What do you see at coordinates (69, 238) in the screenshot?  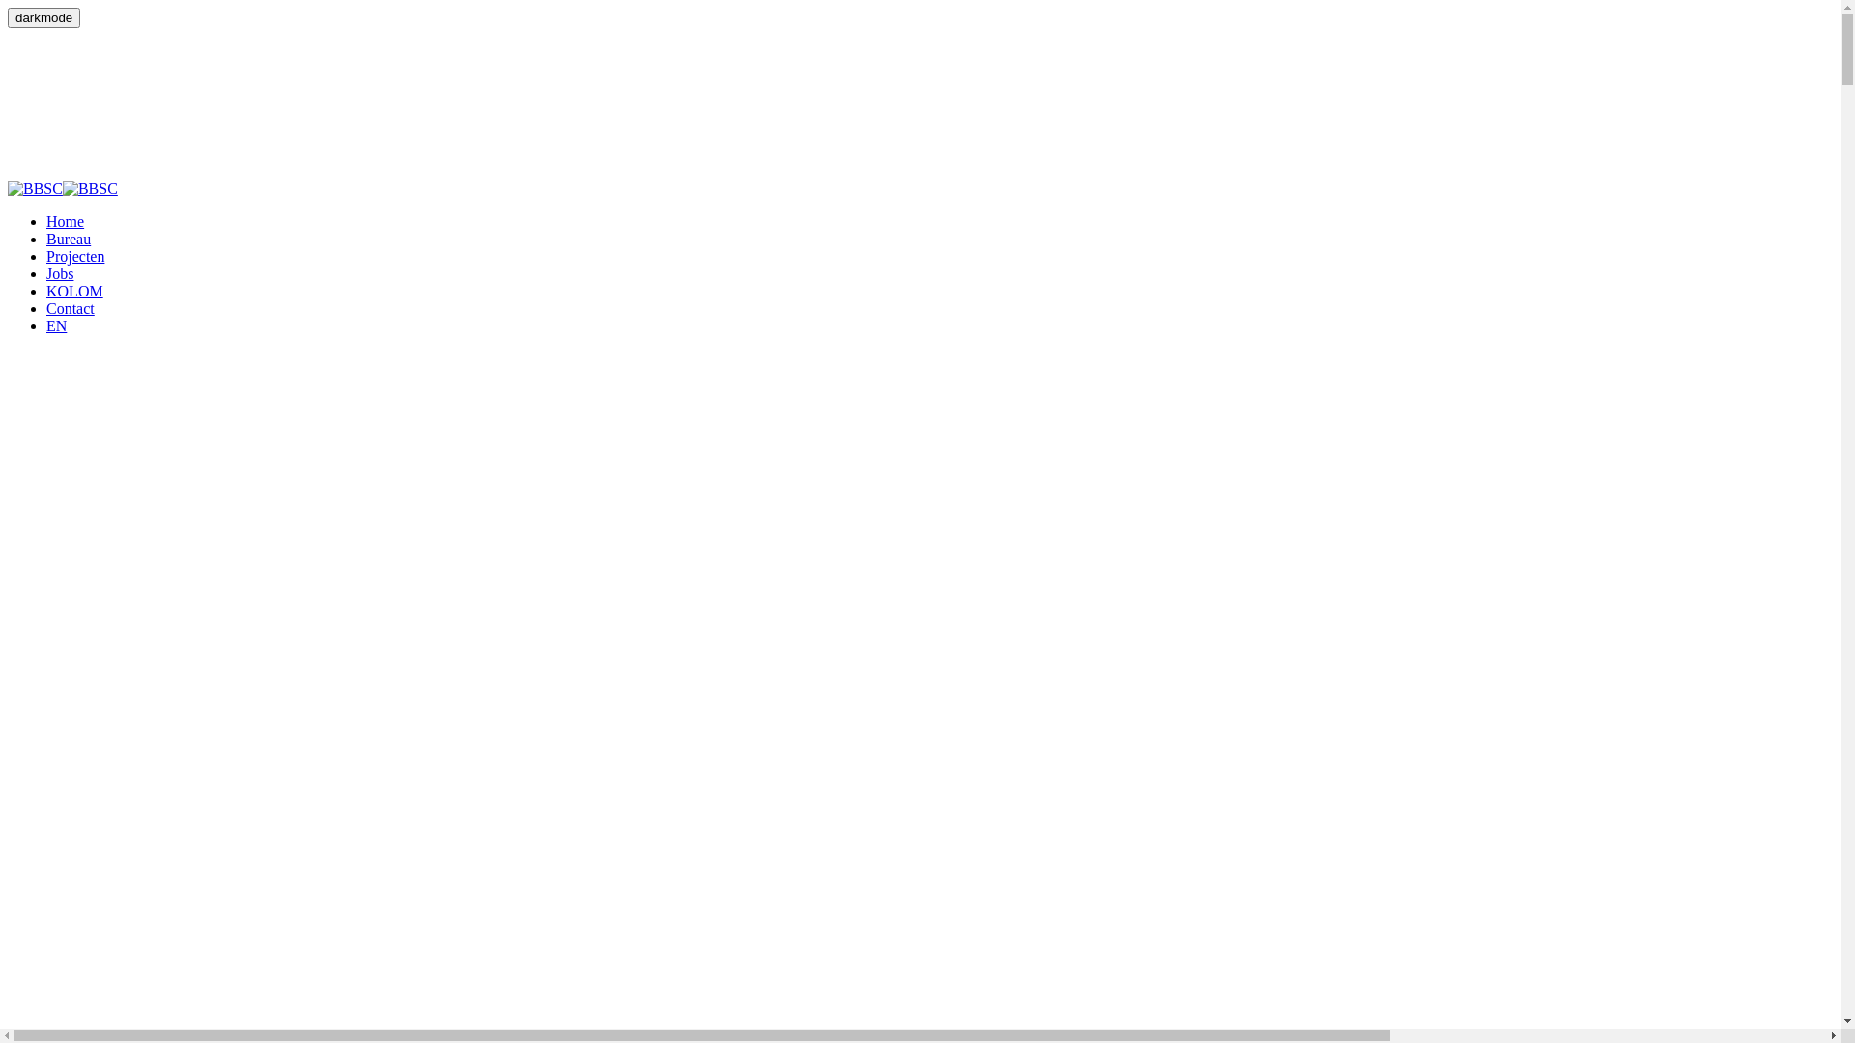 I see `'Bureau'` at bounding box center [69, 238].